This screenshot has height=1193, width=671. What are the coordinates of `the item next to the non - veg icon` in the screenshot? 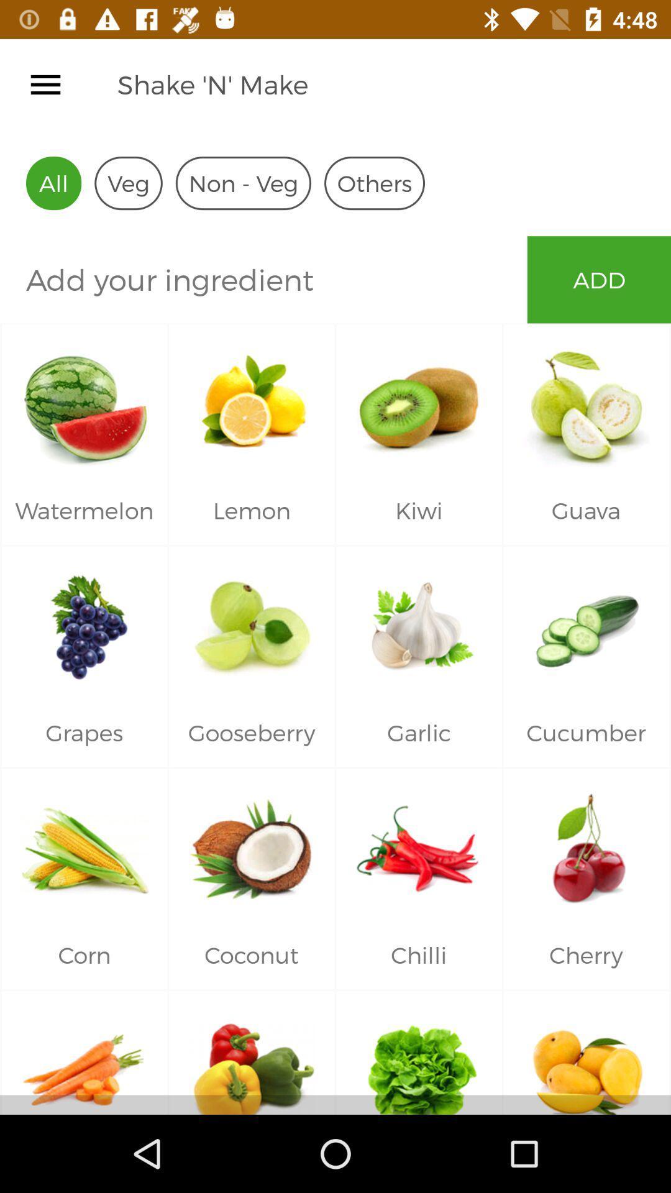 It's located at (373, 183).